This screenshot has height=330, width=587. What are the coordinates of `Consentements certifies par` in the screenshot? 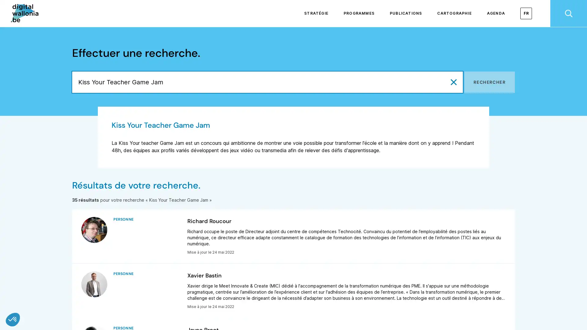 It's located at (70, 288).